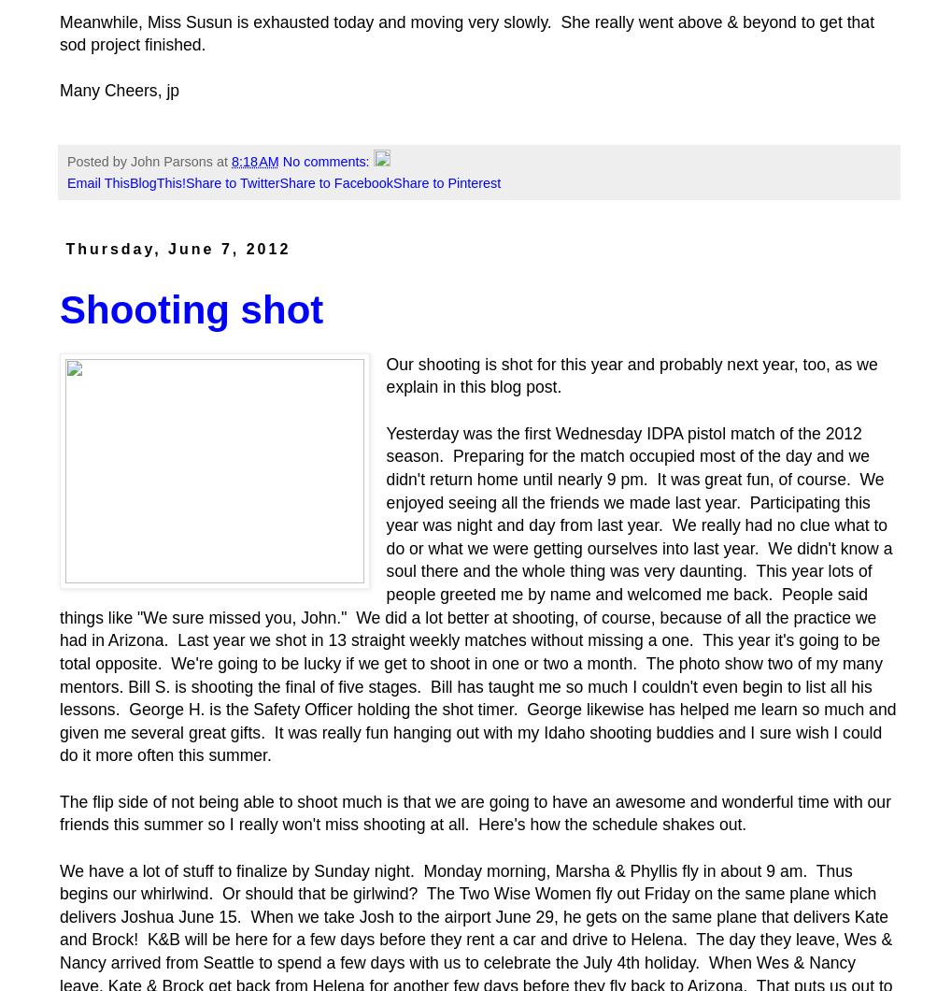  I want to click on 'Thursday, June 7, 2012', so click(65, 249).